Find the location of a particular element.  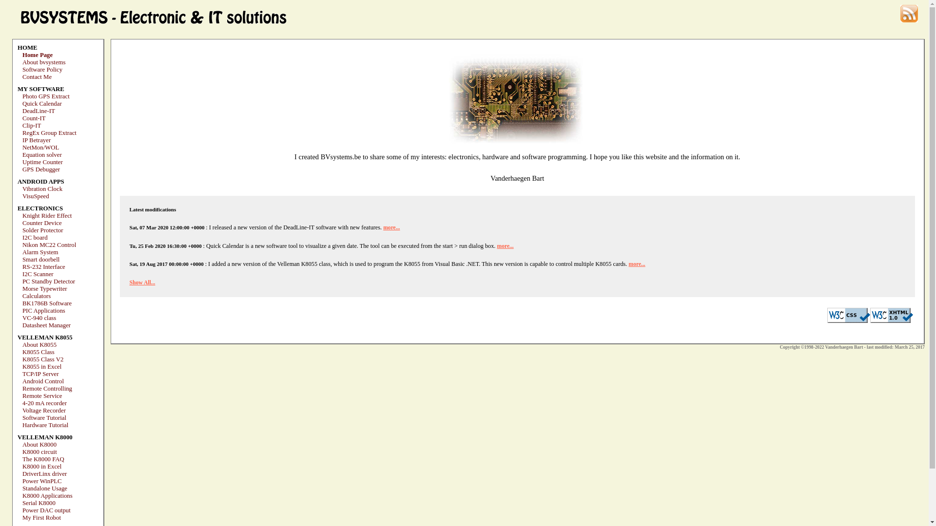

'PC Standby Detector' is located at coordinates (48, 282).